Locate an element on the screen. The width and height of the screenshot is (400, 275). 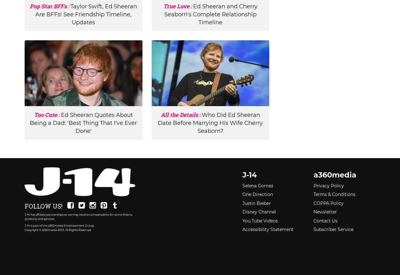
'Accessibility Statement' is located at coordinates (268, 229).